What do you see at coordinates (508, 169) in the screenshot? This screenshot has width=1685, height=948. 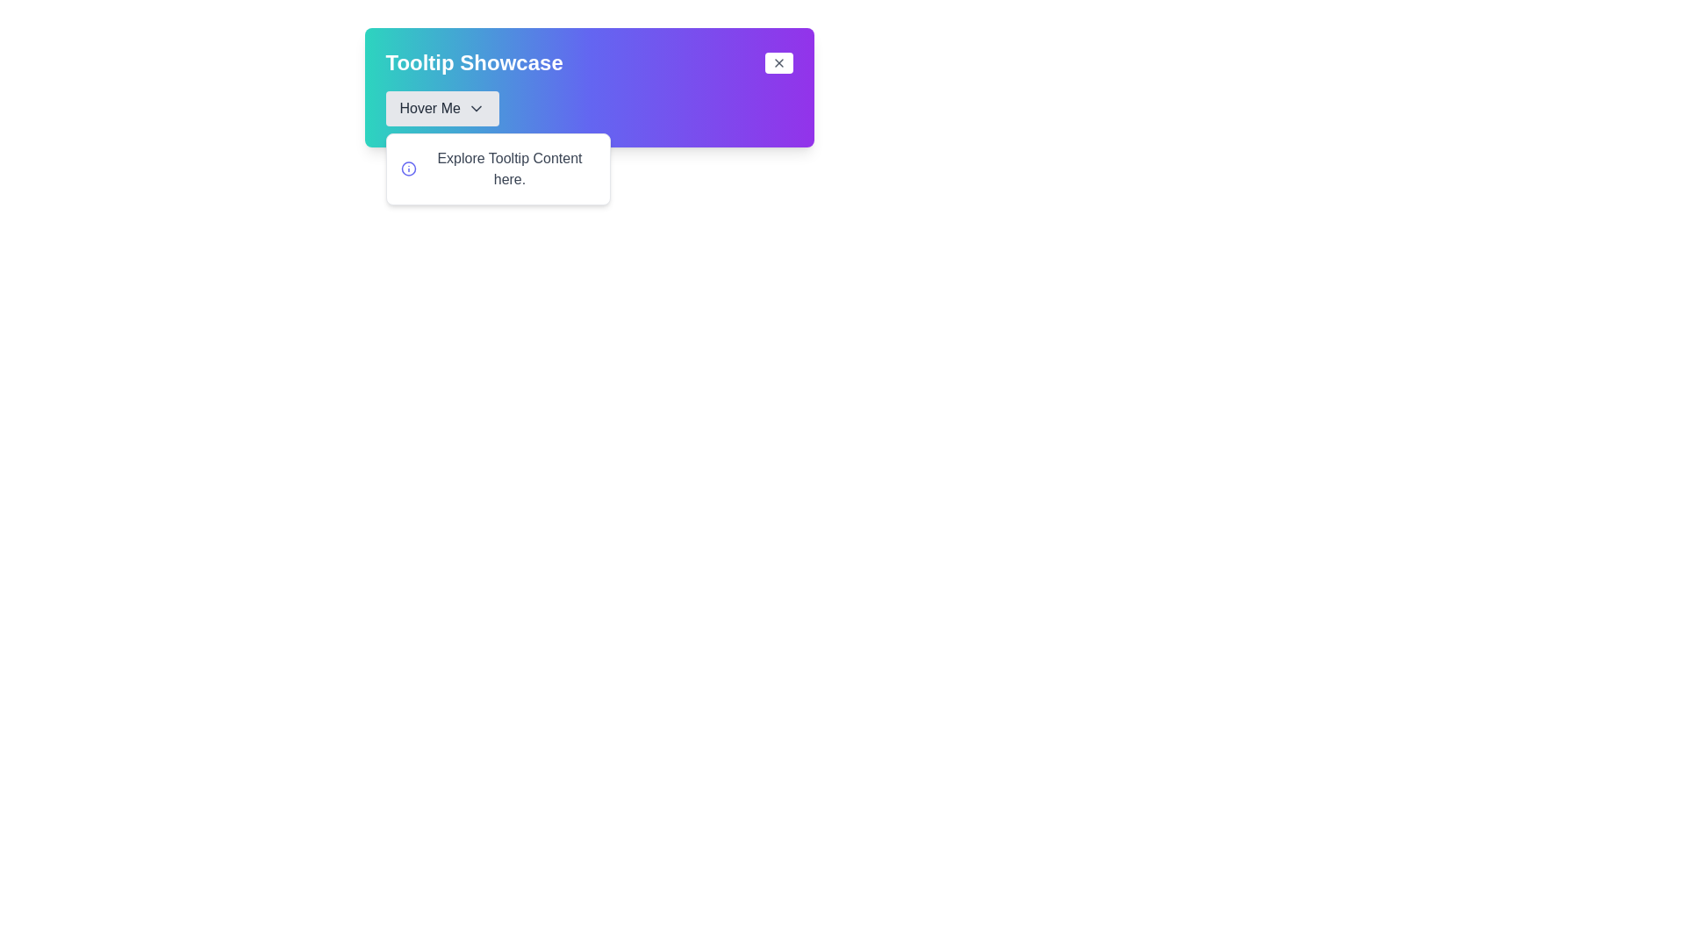 I see `text content displayed in the tooltip located at the center-right under the 'Tooltip Showcase' banner, next to the circular 'i' icon` at bounding box center [508, 169].